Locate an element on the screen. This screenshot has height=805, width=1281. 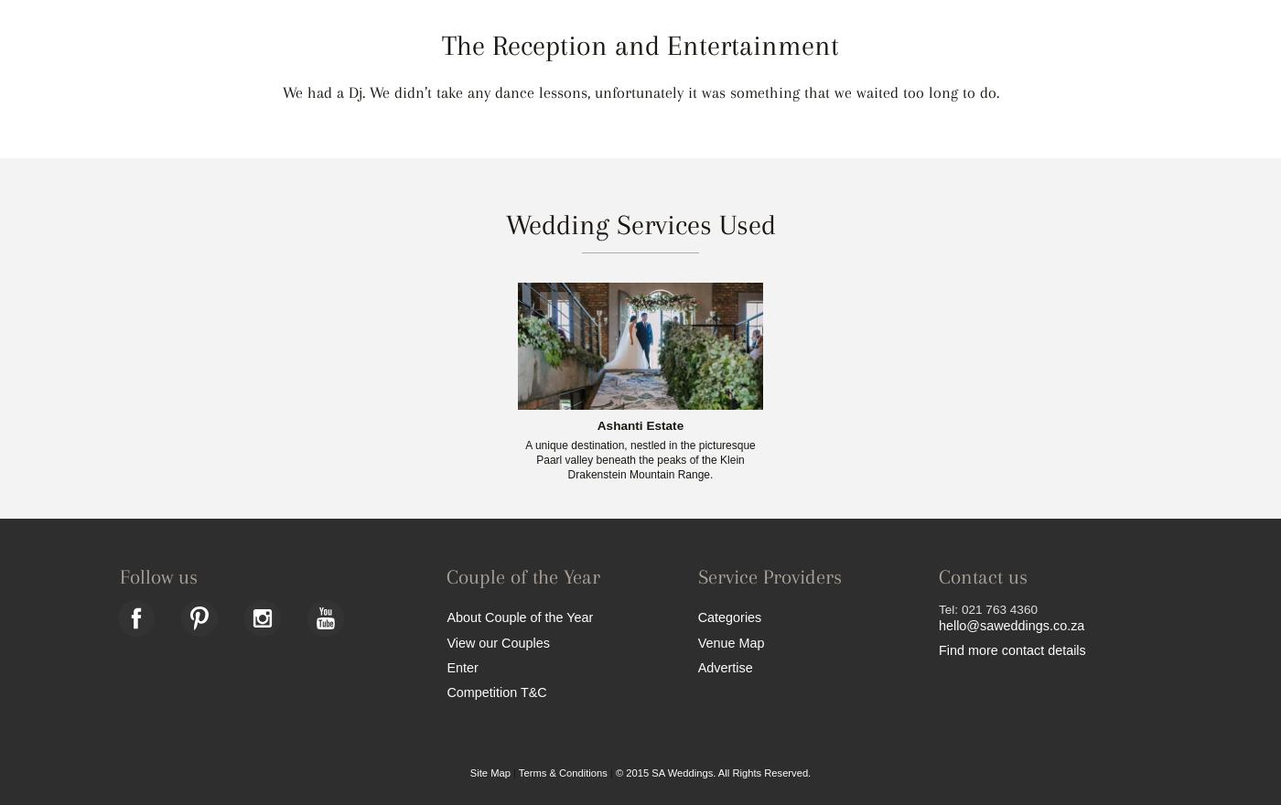
'Ashanti Estate' is located at coordinates (640, 424).